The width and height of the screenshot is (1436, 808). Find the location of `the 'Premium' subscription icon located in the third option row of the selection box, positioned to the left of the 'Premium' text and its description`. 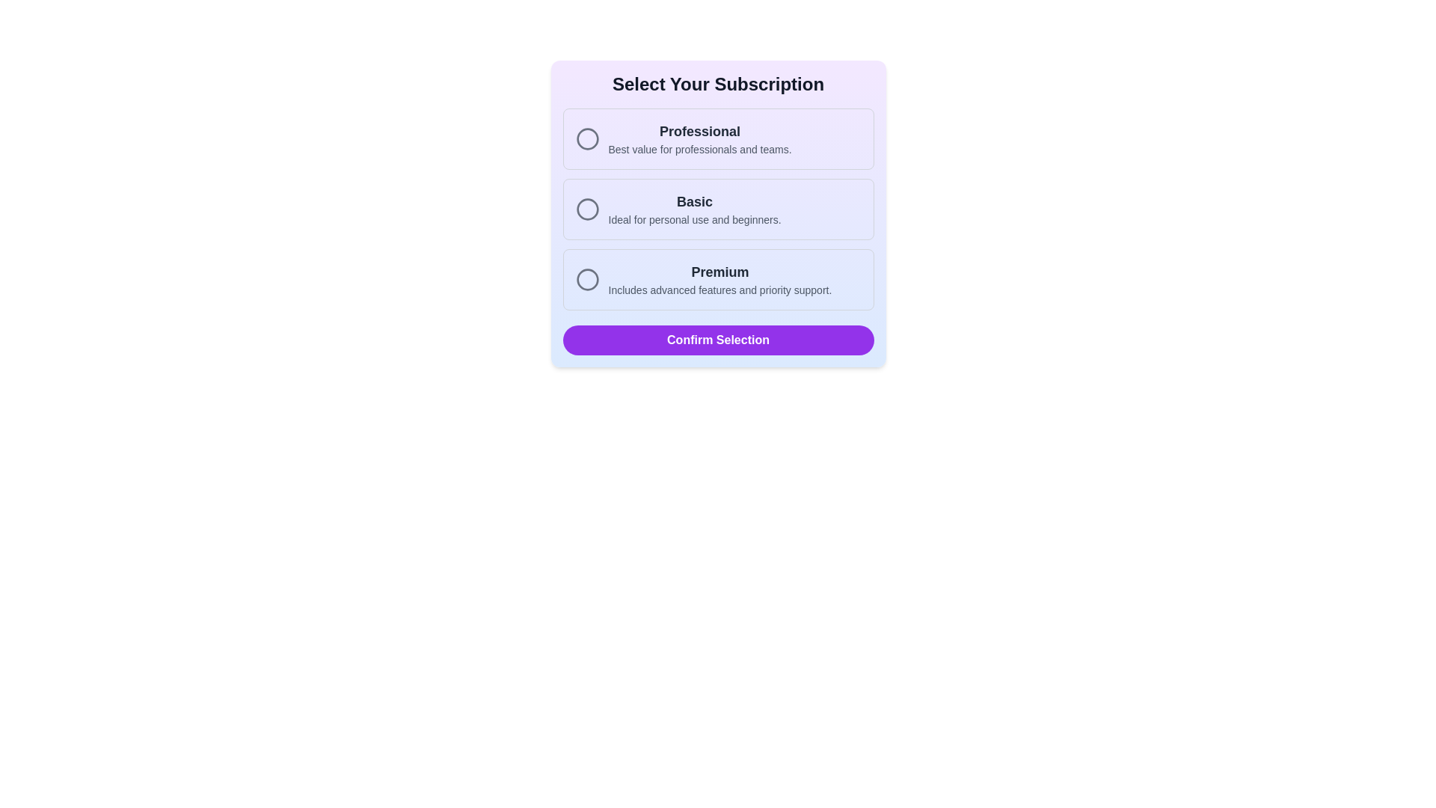

the 'Premium' subscription icon located in the third option row of the selection box, positioned to the left of the 'Premium' text and its description is located at coordinates (586, 280).